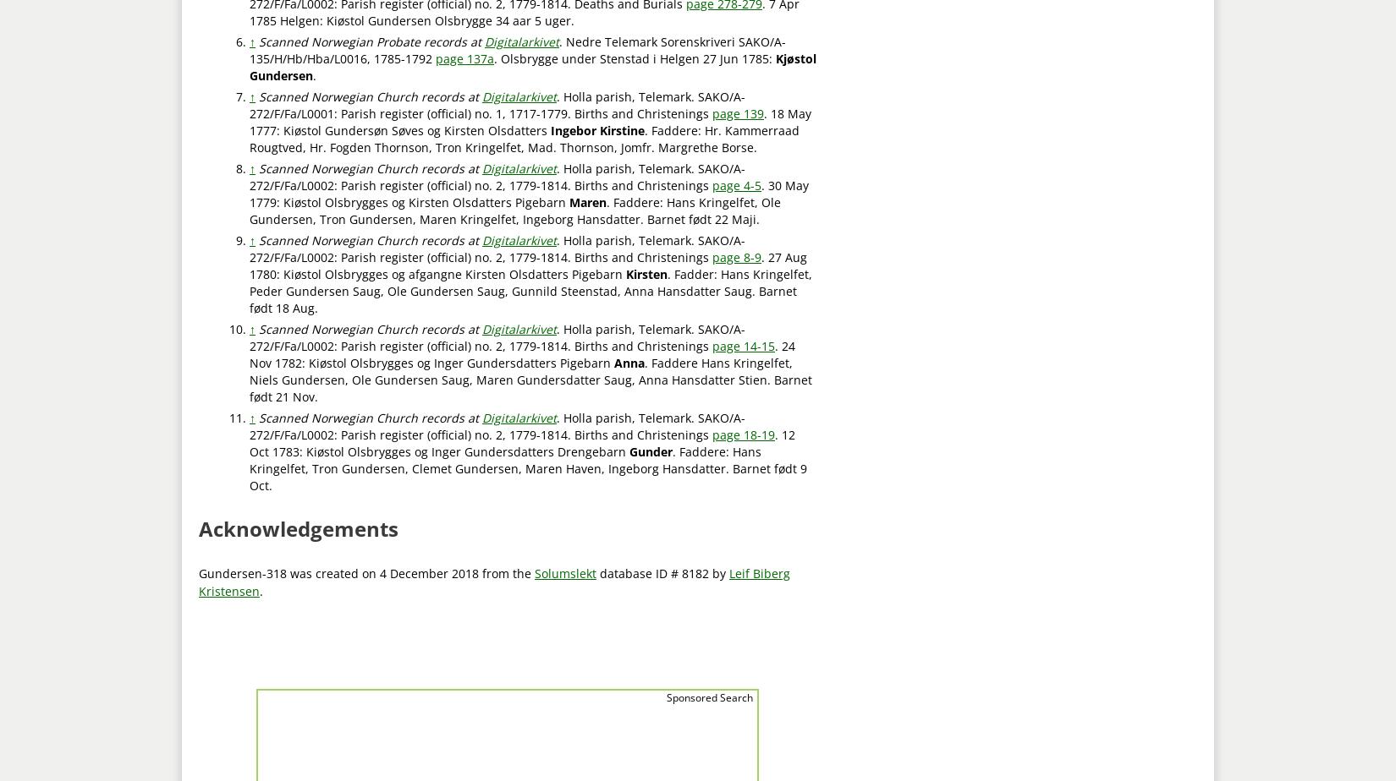 This screenshot has height=781, width=1396. What do you see at coordinates (524, 138) in the screenshot?
I see `'. Faddere: Hr. Kammerraad Rougtved, Hr. Fogden Thornson, Tron Kringelfet, Mad. Thornson, Jomfr. Margrethe Borse.'` at bounding box center [524, 138].